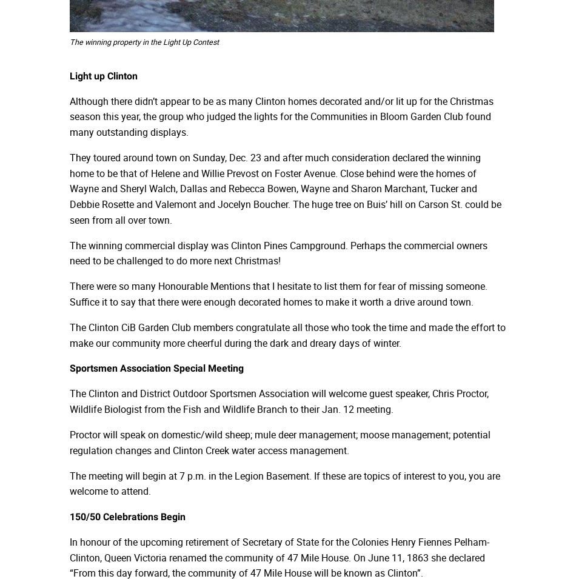 This screenshot has width=576, height=579. Describe the element at coordinates (70, 188) in the screenshot. I see `'They toured around town on Sunday, Dec. 23 and after much consideration declared the winning home to be that of Helene and Willie Prevost on Foster Avenue. Close behind were the homes of Wayne and Sheryl Walch, Dallas and Rebecca Bowen, Wayne and Sharon Marchant, Tucker and Debbie Rosette and Valemont and Jocelyn Boucher. The huge tree on Buis’ hill on Carson St. could be seen from all over town.'` at that location.